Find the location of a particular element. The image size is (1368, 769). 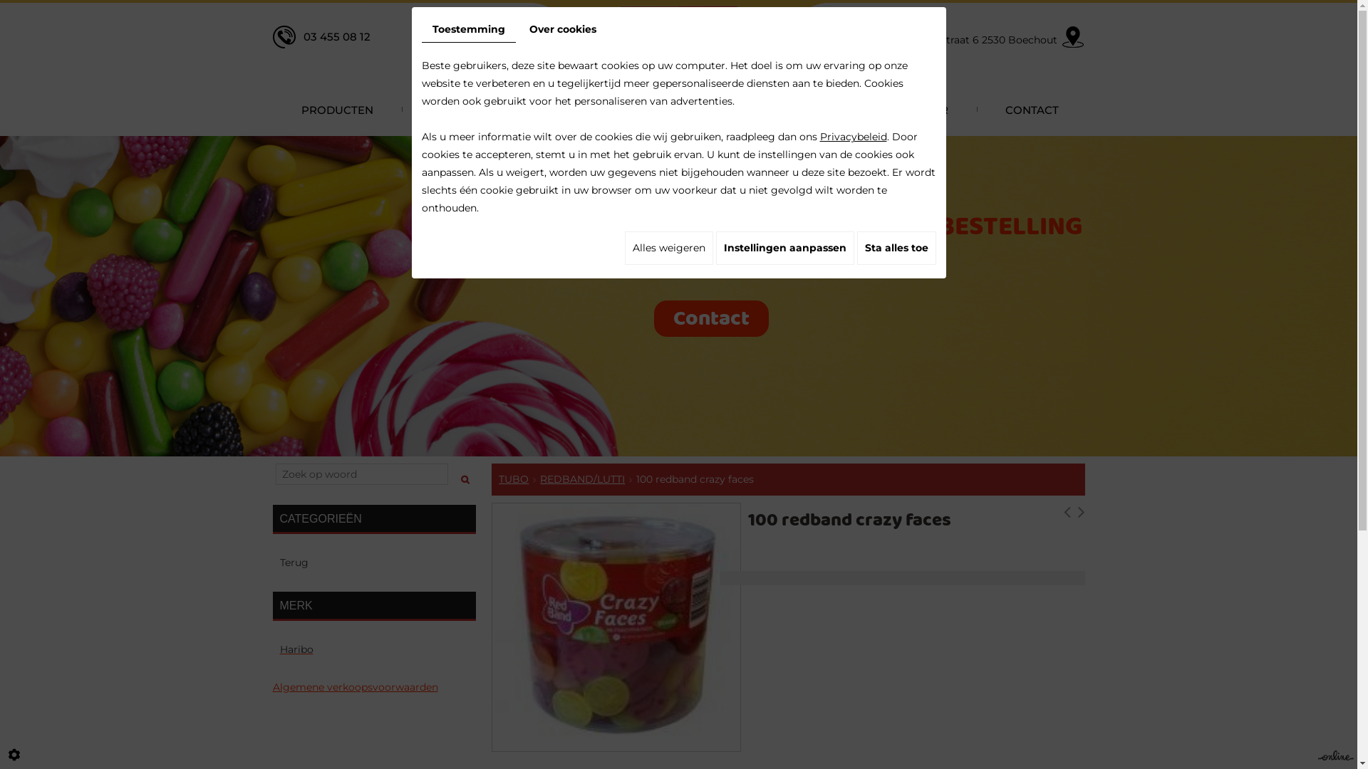

'Zoeken' is located at coordinates (466, 474).